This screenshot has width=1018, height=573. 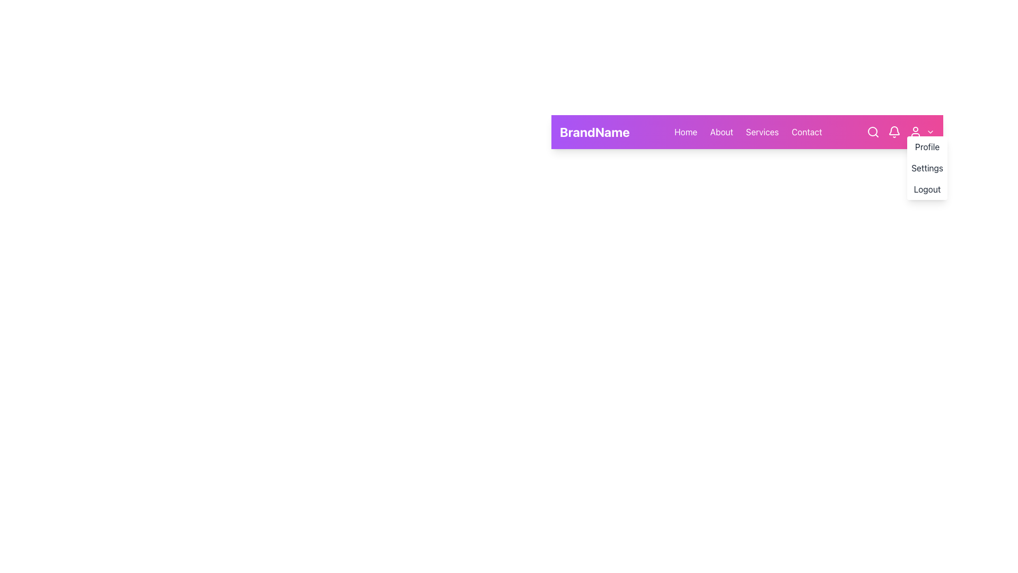 I want to click on the 'Settings' dropdown menu item located in the top-right corner of the interface, directly below the user profile icon, so click(x=927, y=167).